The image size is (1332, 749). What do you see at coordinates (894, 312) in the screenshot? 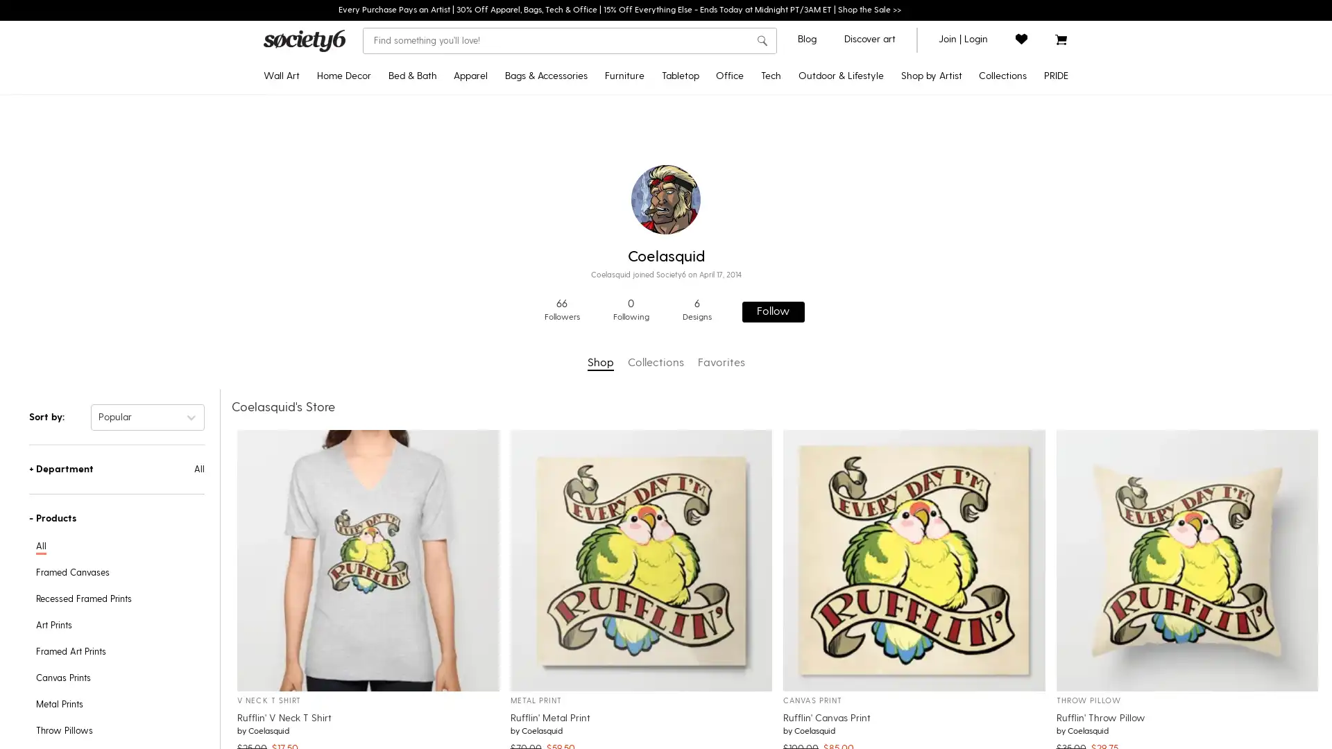
I see `Shop by Artist` at bounding box center [894, 312].